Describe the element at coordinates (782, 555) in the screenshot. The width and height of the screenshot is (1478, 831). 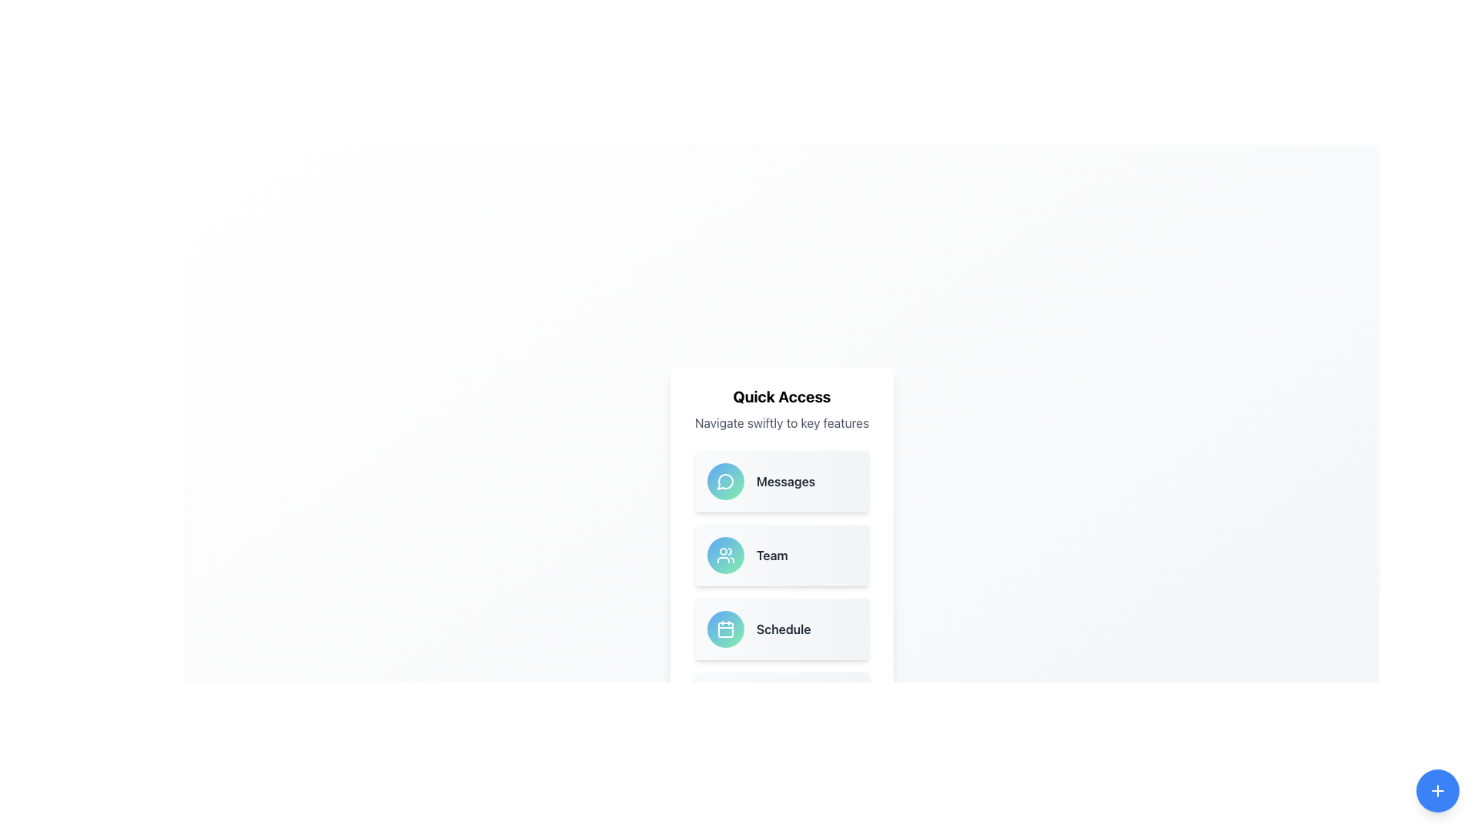
I see `the 'Team' navigation option in the Quick Access panel, which features a gradient box with a circular icon of two persons` at that location.